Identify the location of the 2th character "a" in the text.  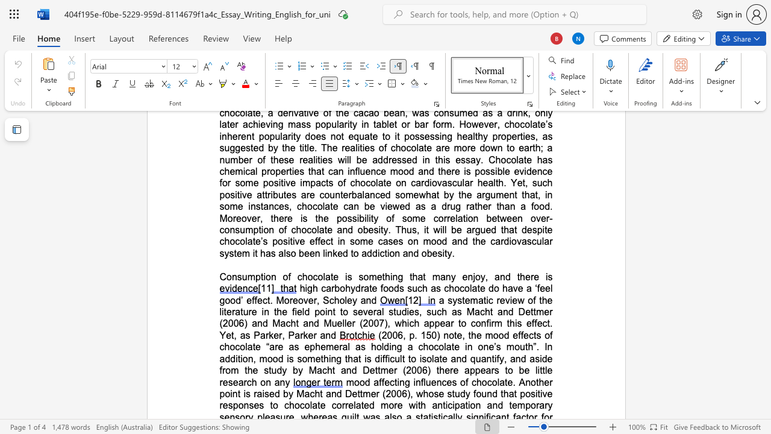
(280, 253).